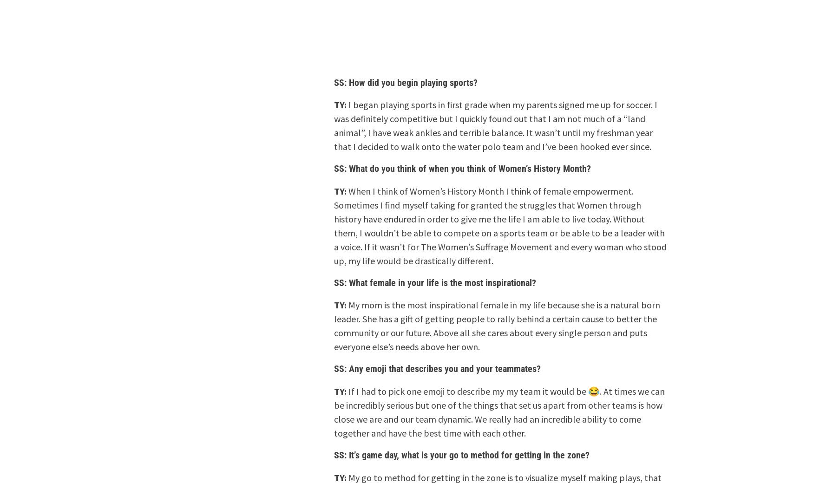  What do you see at coordinates (461, 454) in the screenshot?
I see `'SS: It’s game day, what is your go to method for getting in the zone?'` at bounding box center [461, 454].